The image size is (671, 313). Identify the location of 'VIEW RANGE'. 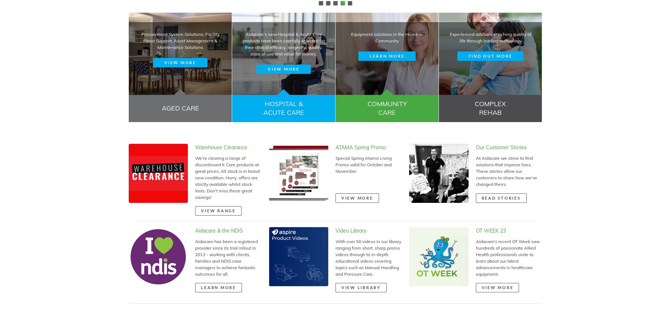
(201, 210).